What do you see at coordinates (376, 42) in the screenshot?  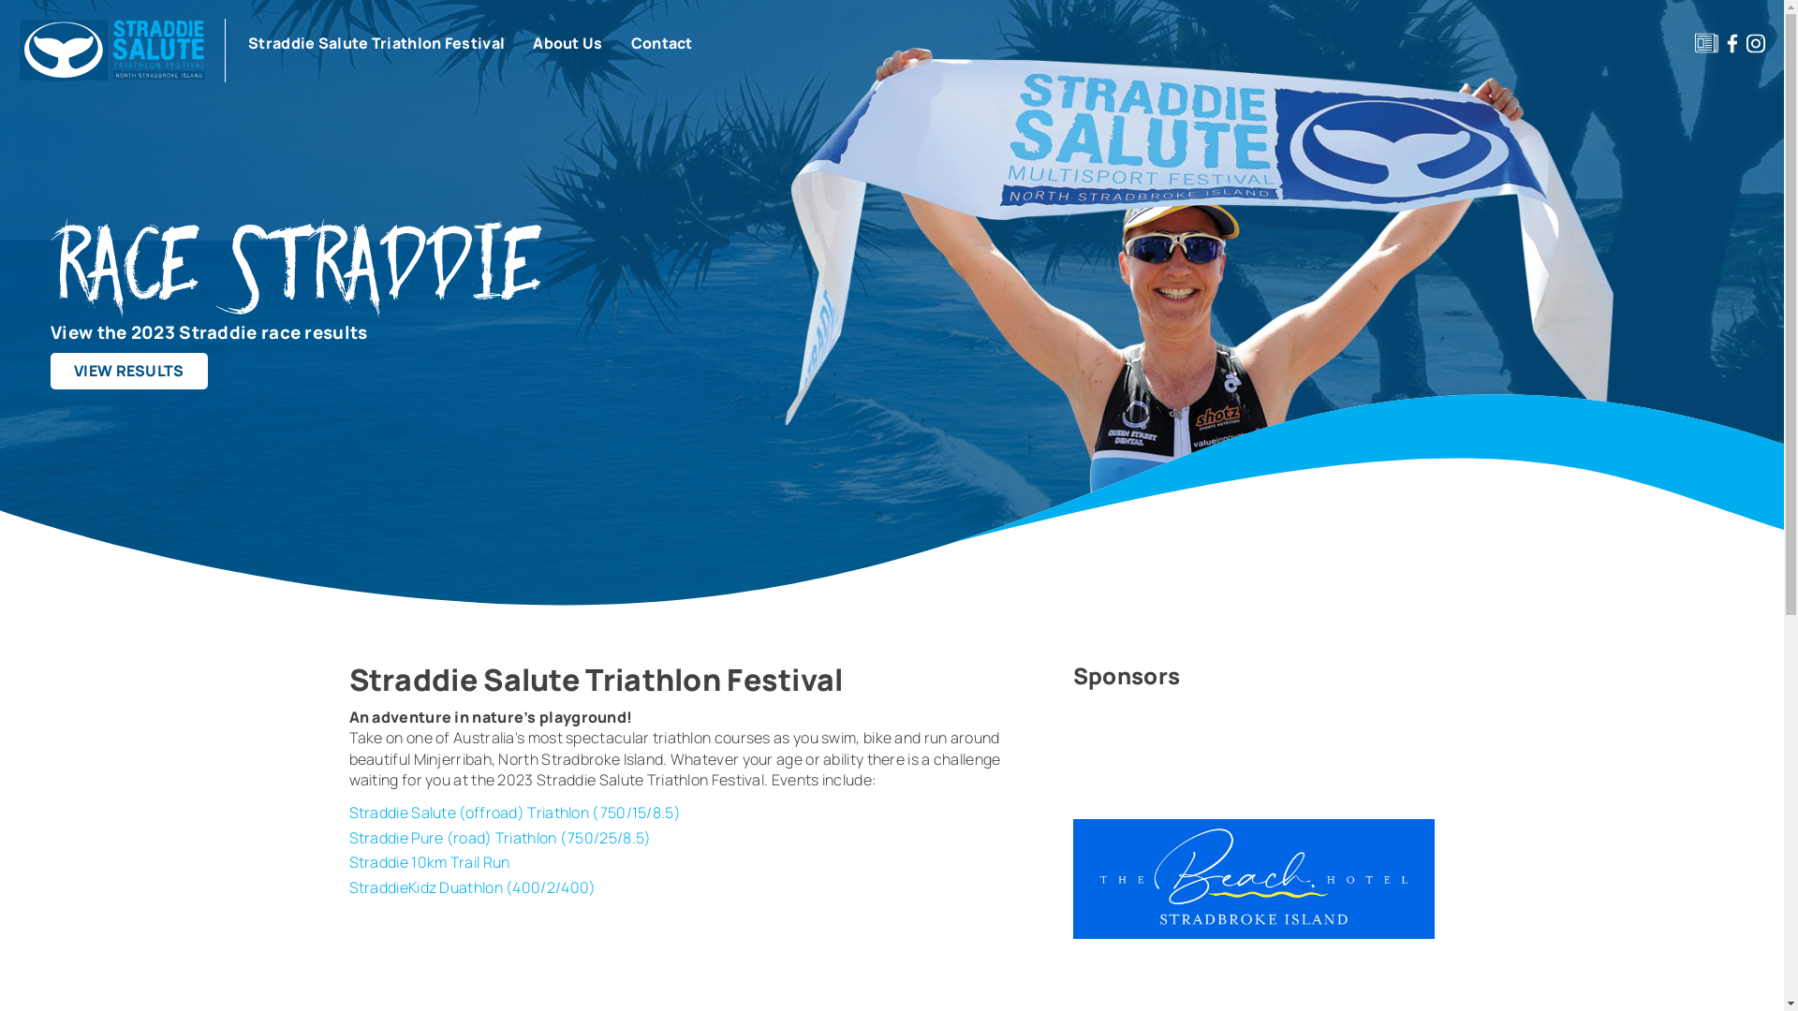 I see `'Straddie Salute Triathlon Festival'` at bounding box center [376, 42].